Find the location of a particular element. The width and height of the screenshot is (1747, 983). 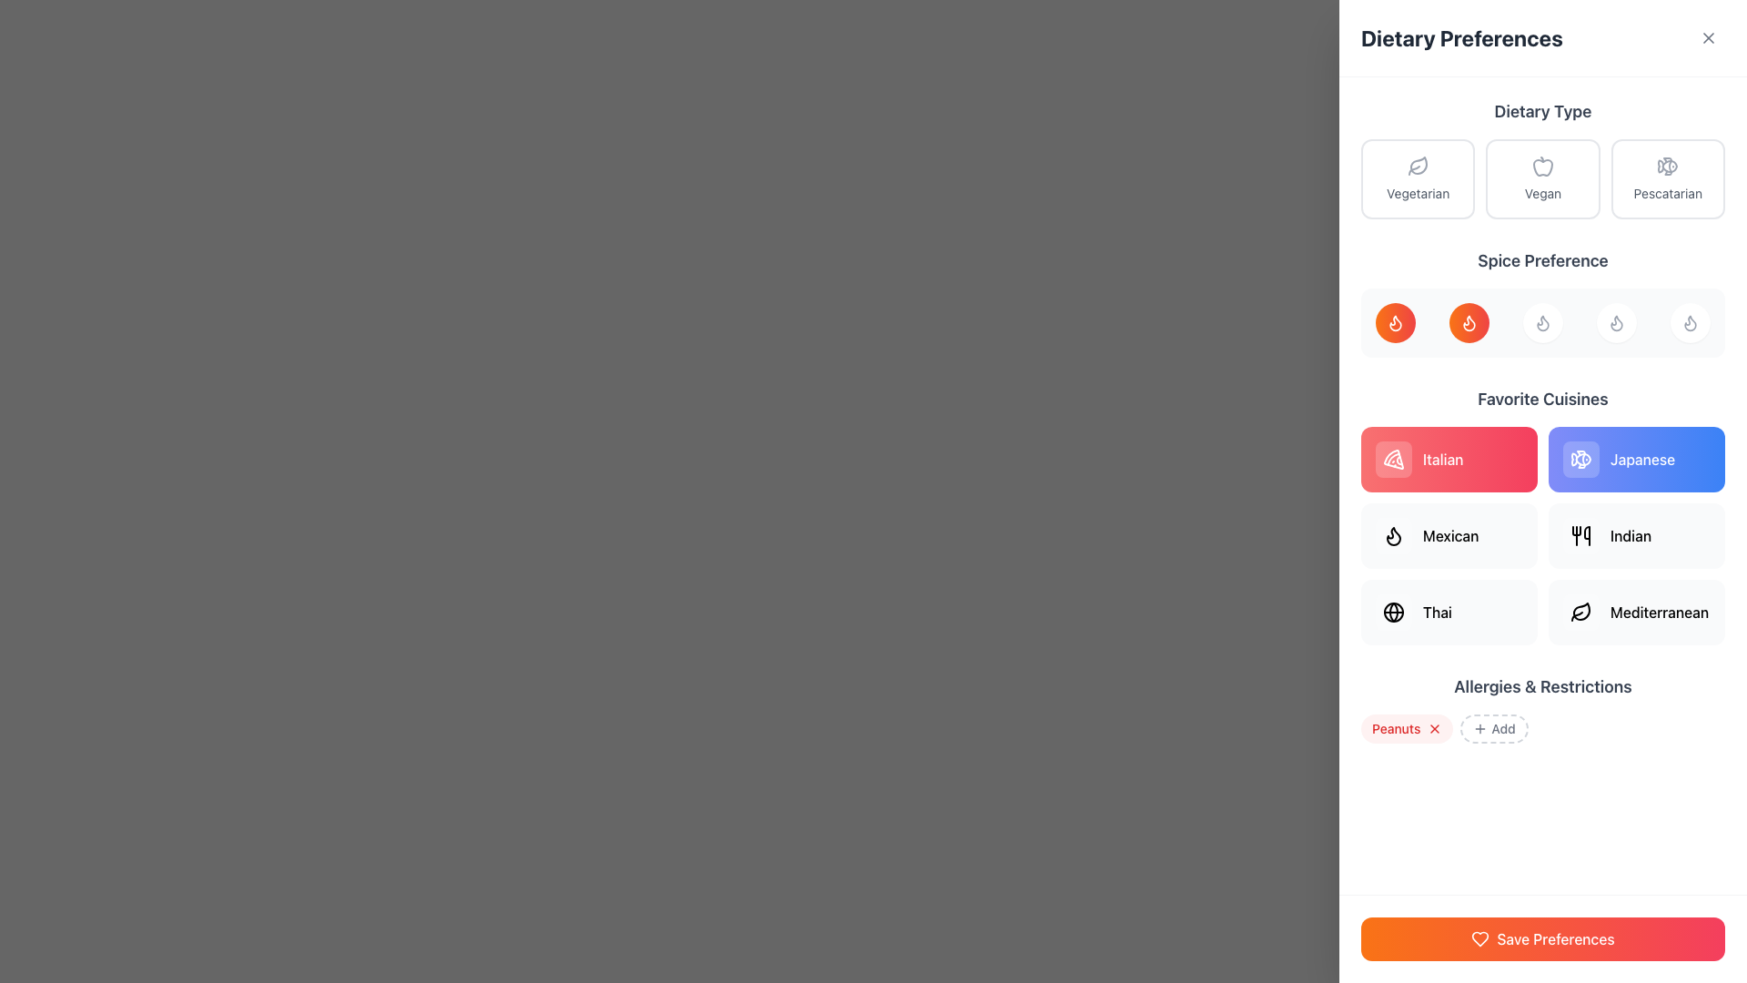

the circular close button with an 'X' icon located at the top-right corner of the 'Dietary Preferences' section is located at coordinates (1707, 38).